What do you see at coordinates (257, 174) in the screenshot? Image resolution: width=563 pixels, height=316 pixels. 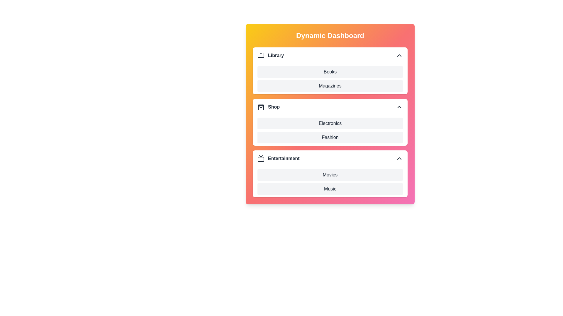 I see `the item Movies in the section Entertainment` at bounding box center [257, 174].